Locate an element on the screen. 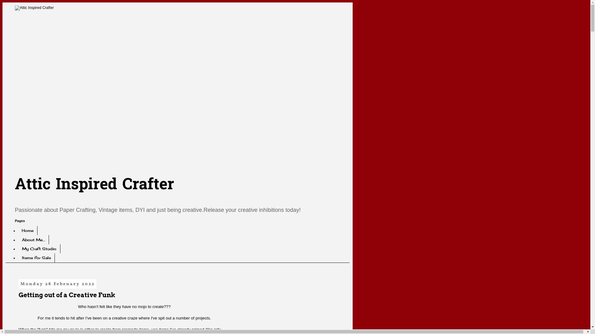 Image resolution: width=595 pixels, height=334 pixels. 'Attic Inspired Crafter' is located at coordinates (15, 185).